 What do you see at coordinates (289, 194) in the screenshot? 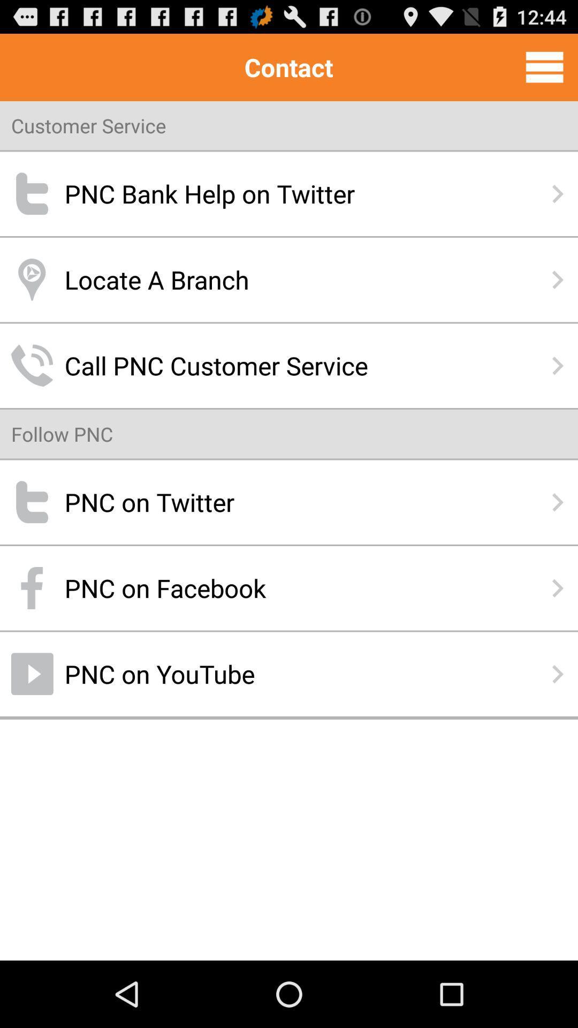
I see `item below the customer service` at bounding box center [289, 194].